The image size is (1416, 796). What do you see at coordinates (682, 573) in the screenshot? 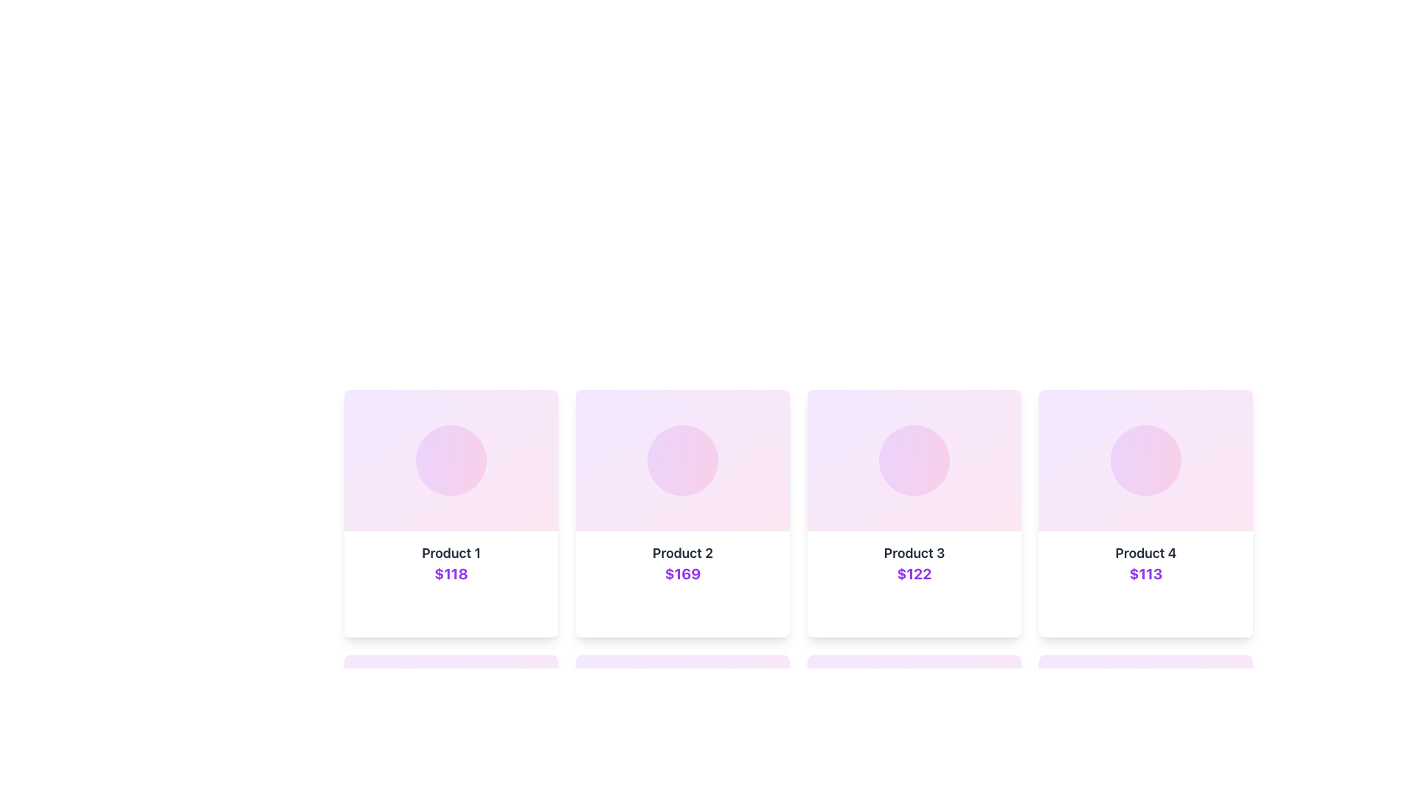
I see `the price label displayed for 'Product 2', which is centrally located within its card, positioned below the product title and above the 'Add to Cart' area` at bounding box center [682, 573].